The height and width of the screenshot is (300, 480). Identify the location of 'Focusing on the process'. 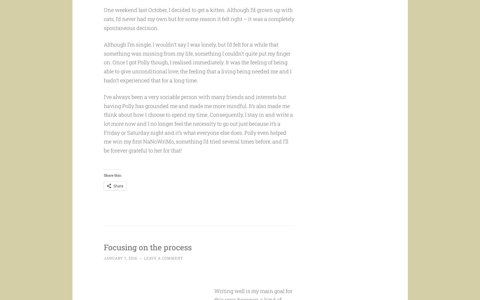
(157, 258).